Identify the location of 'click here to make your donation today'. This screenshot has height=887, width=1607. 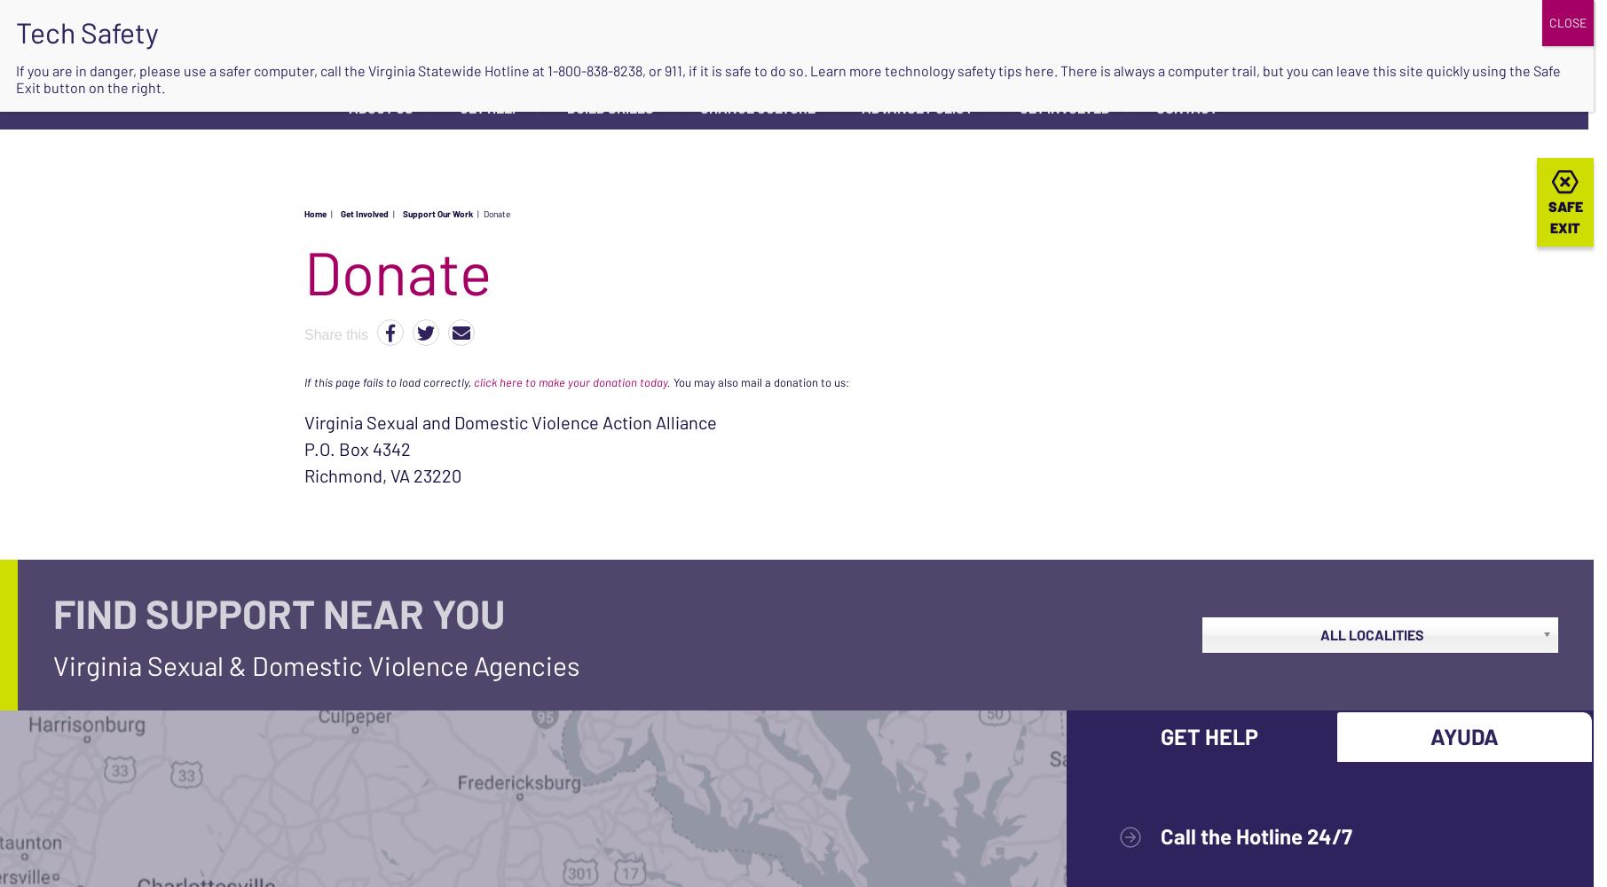
(571, 381).